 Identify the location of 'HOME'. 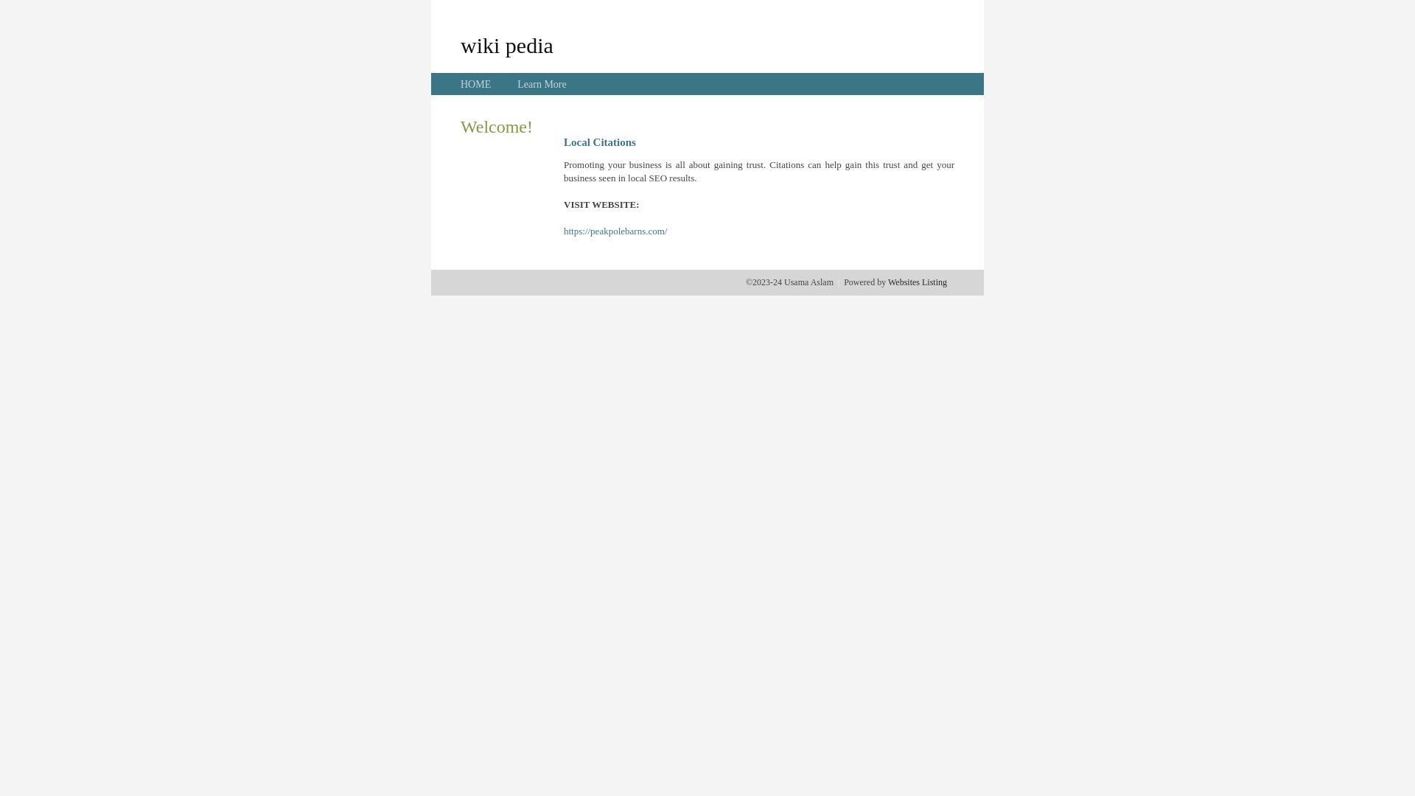
(475, 84).